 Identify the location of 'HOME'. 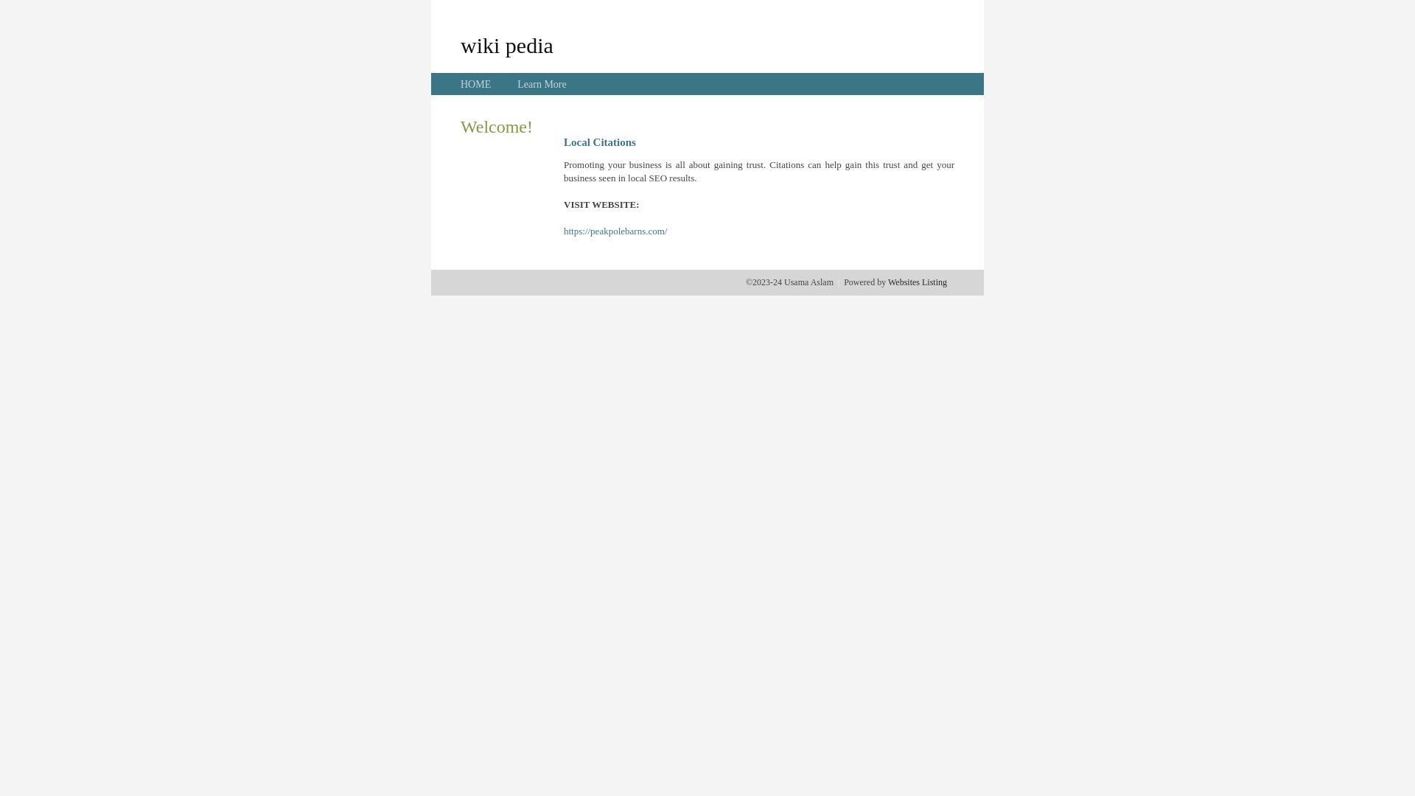
(475, 84).